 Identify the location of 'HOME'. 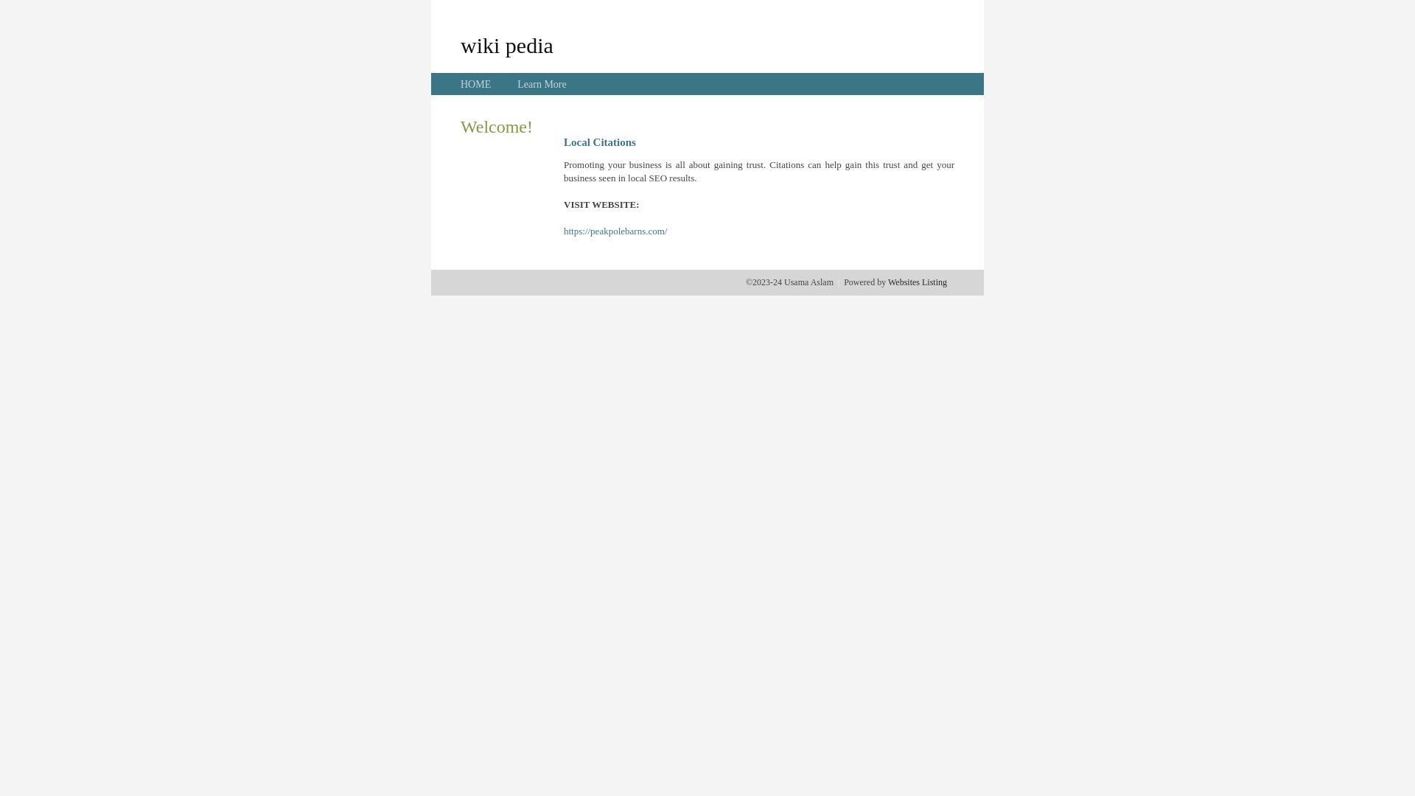
(475, 84).